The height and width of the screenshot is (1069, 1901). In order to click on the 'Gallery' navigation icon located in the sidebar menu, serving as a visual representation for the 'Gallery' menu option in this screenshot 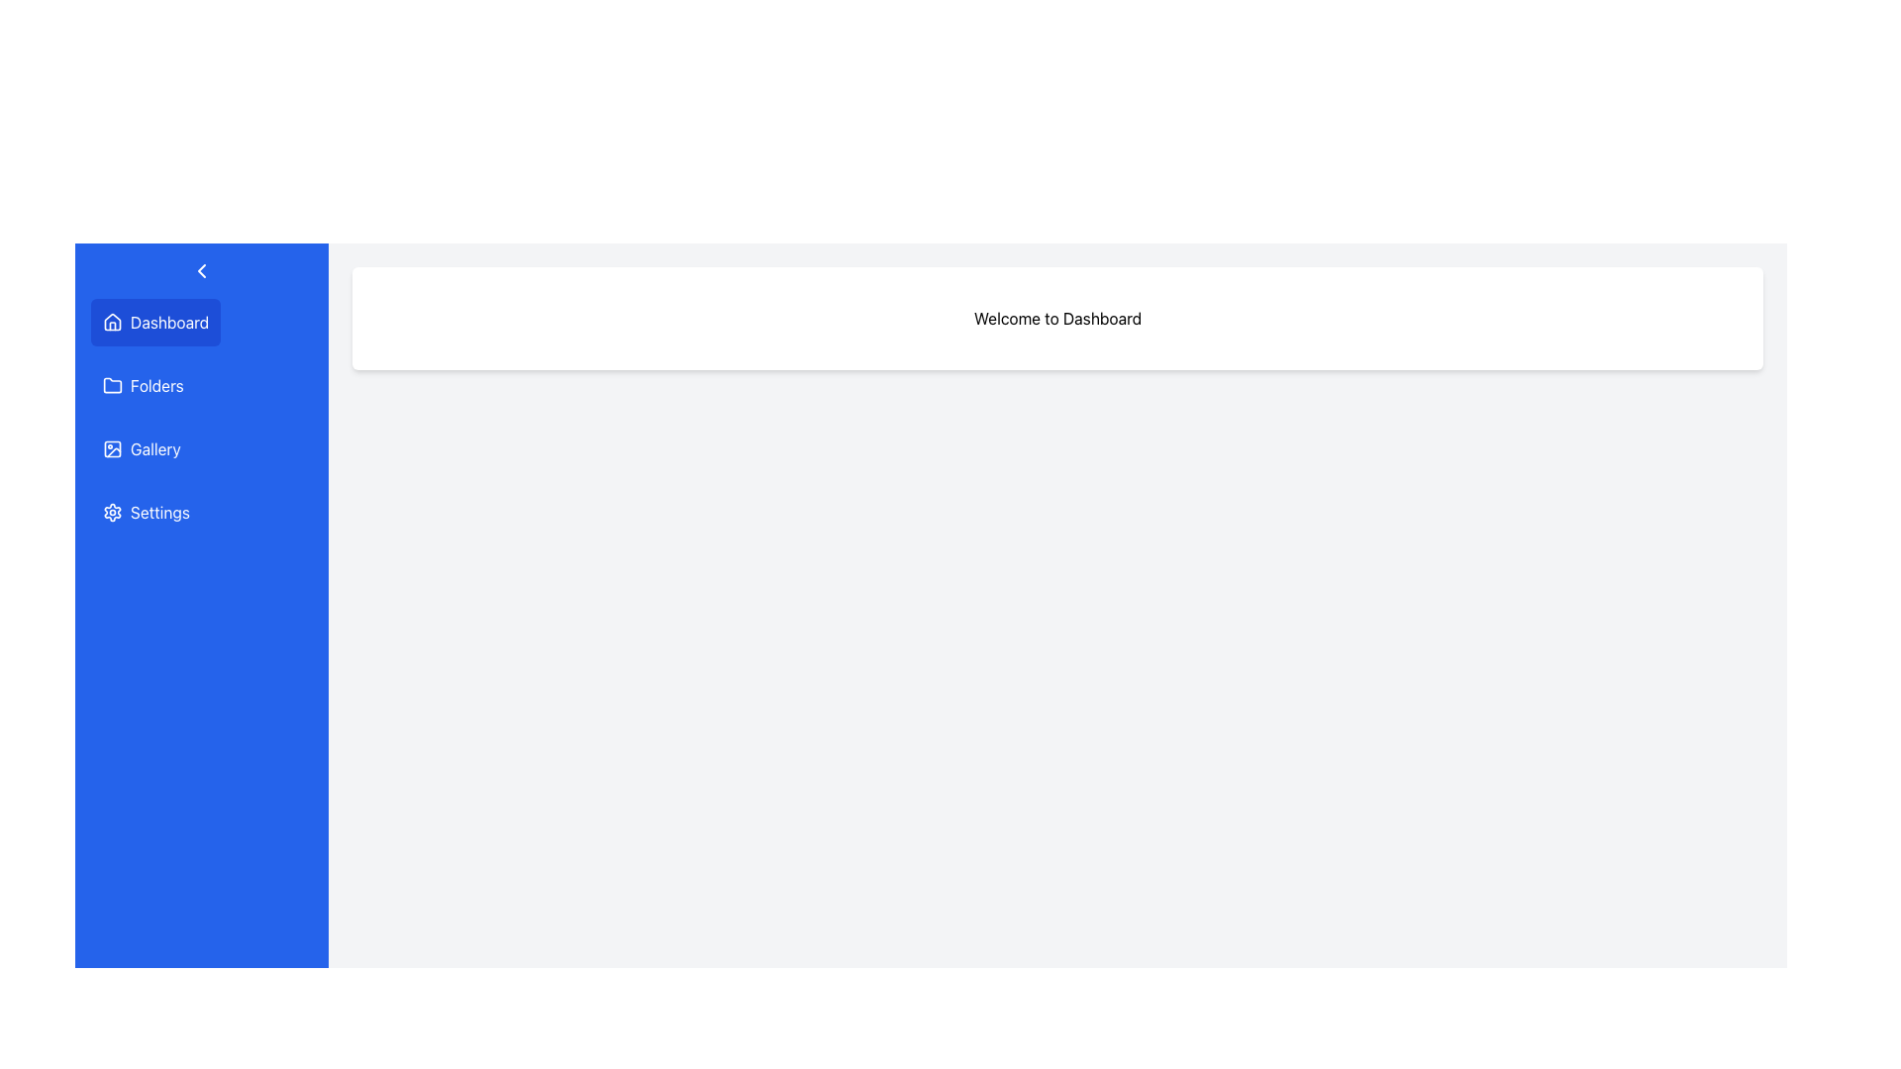, I will do `click(112, 449)`.